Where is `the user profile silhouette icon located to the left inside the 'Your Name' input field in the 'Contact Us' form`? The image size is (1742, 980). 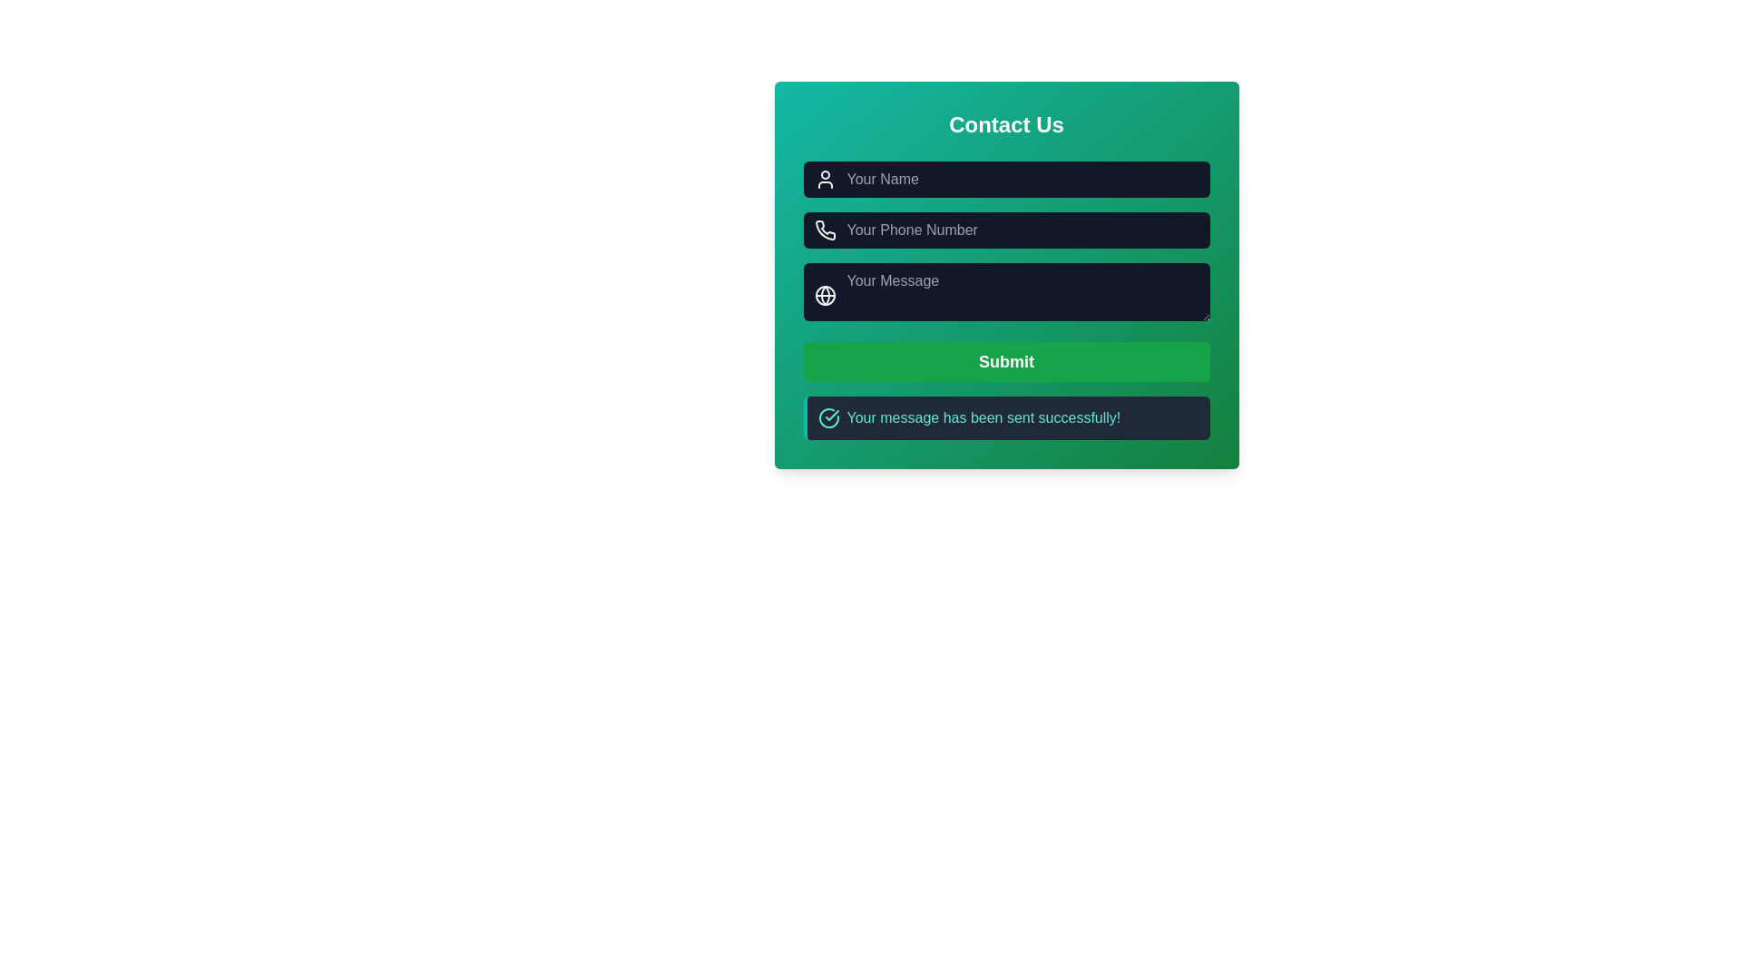
the user profile silhouette icon located to the left inside the 'Your Name' input field in the 'Contact Us' form is located at coordinates (824, 179).